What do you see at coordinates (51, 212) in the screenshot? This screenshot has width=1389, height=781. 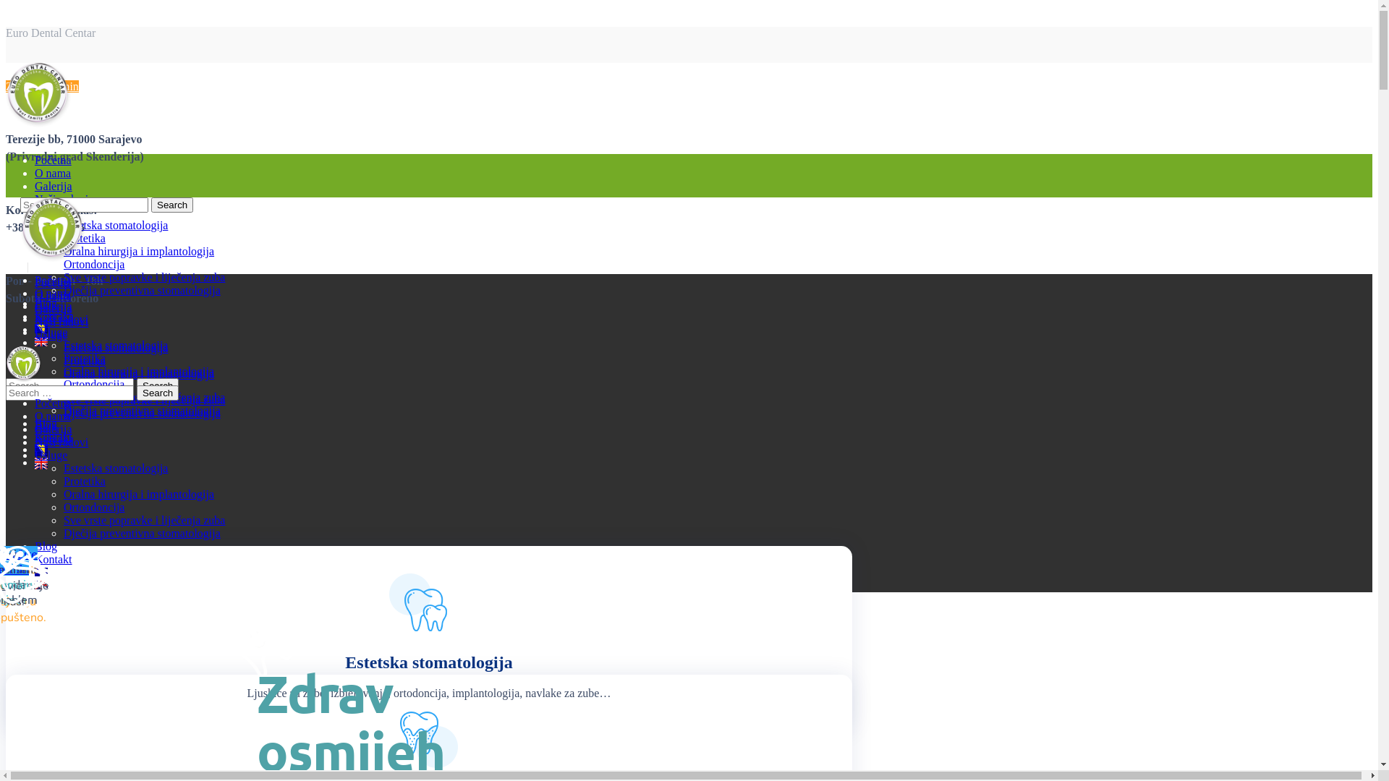 I see `'Usluge'` at bounding box center [51, 212].